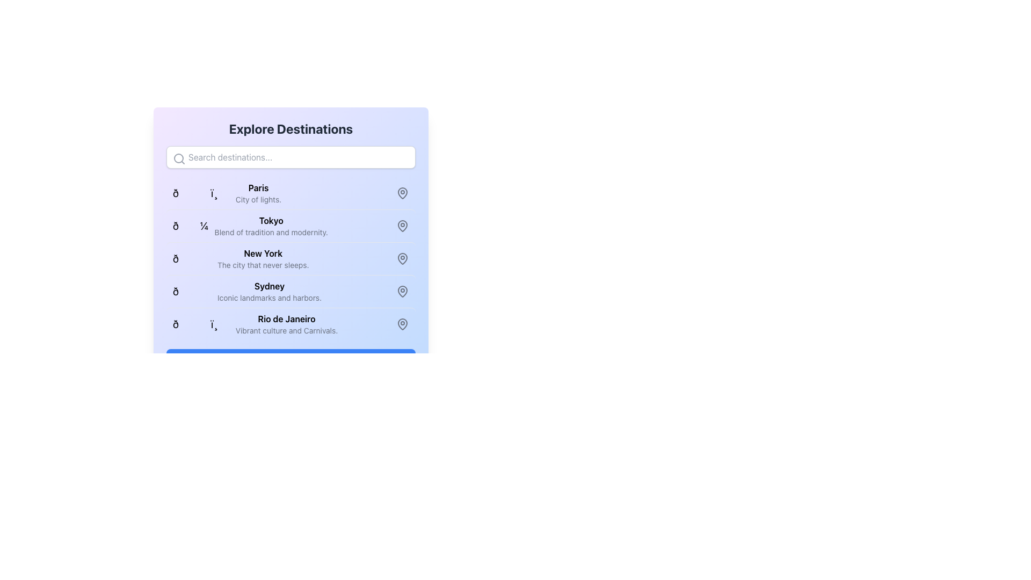 Image resolution: width=1031 pixels, height=580 pixels. What do you see at coordinates (250, 225) in the screenshot?
I see `the list item presenting the overview of the Tokyo destination in the 'Explore Destinations' section` at bounding box center [250, 225].